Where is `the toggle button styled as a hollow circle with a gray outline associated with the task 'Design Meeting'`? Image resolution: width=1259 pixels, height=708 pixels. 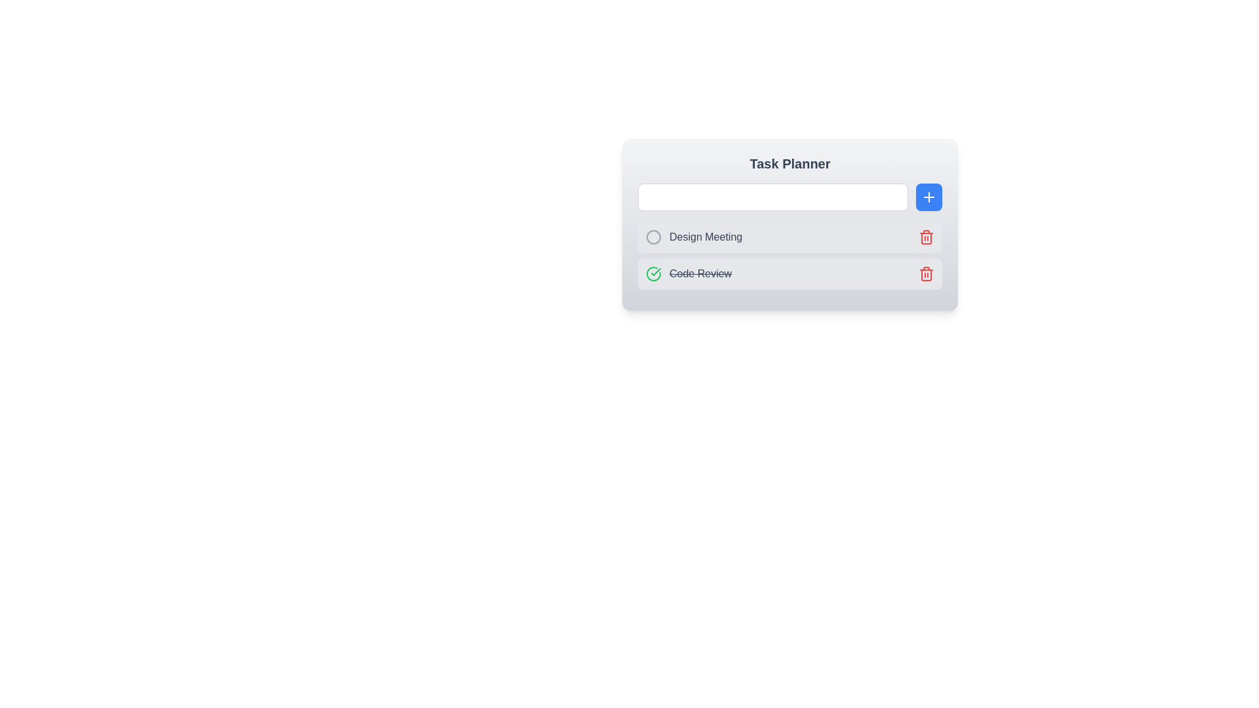 the toggle button styled as a hollow circle with a gray outline associated with the task 'Design Meeting' is located at coordinates (654, 237).